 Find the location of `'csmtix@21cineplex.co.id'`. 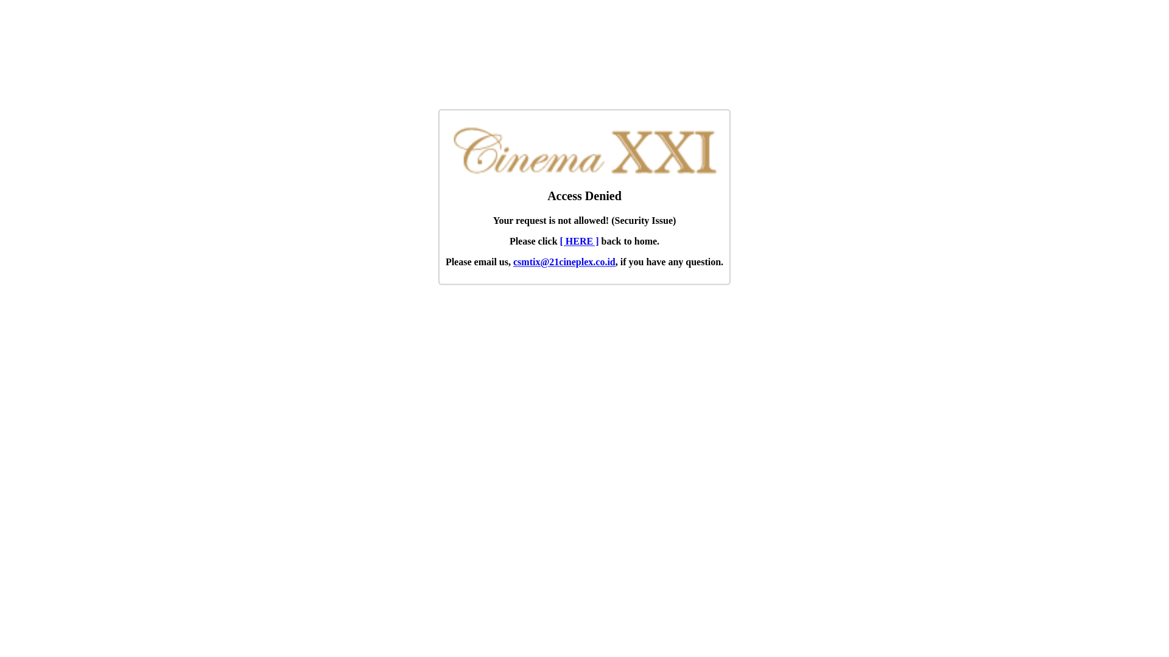

'csmtix@21cineplex.co.id' is located at coordinates (563, 262).